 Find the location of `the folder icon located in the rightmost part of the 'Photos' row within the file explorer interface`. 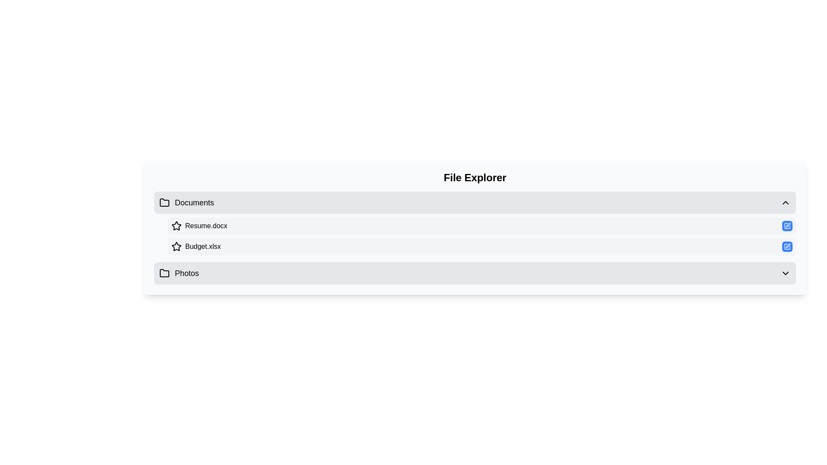

the folder icon located in the rightmost part of the 'Photos' row within the file explorer interface is located at coordinates (165, 273).